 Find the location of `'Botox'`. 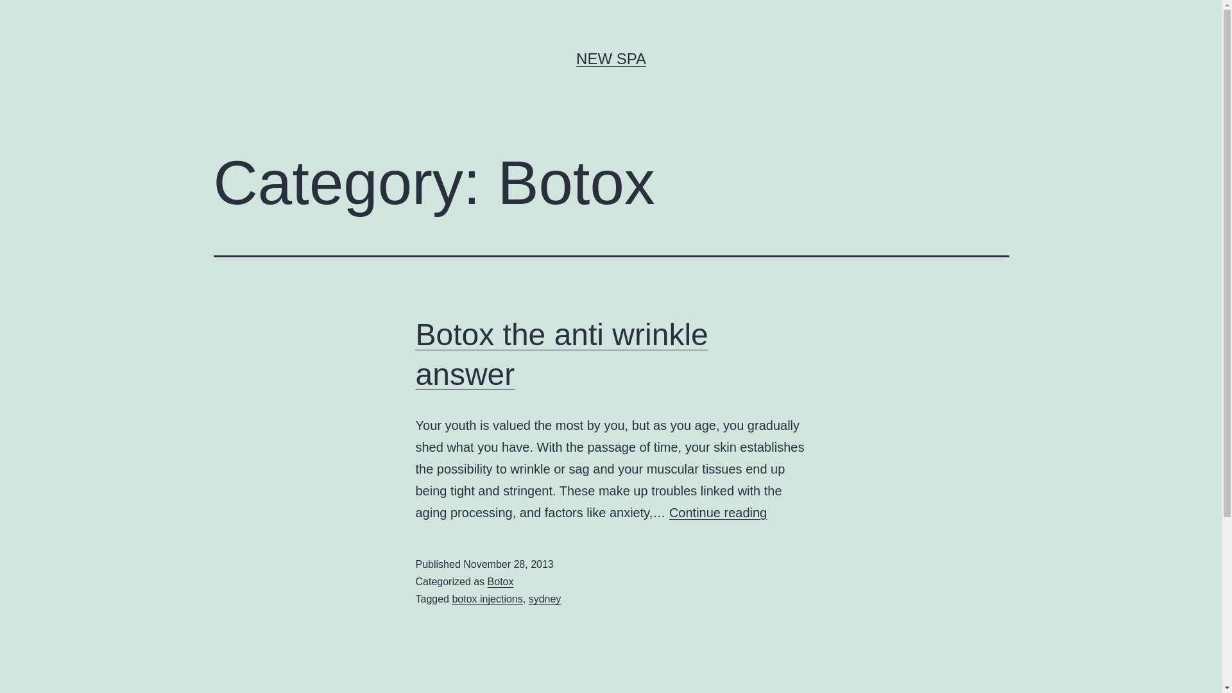

'Botox' is located at coordinates (500, 581).